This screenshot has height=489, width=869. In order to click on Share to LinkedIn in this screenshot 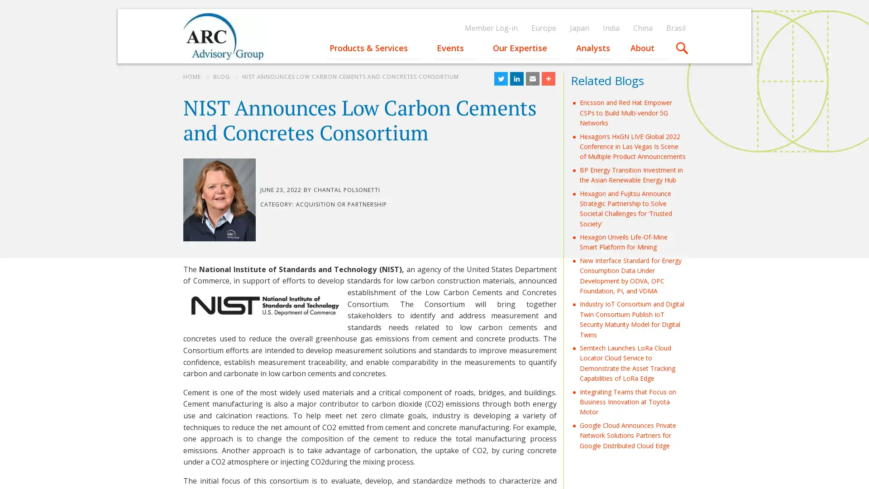, I will do `click(518, 78)`.